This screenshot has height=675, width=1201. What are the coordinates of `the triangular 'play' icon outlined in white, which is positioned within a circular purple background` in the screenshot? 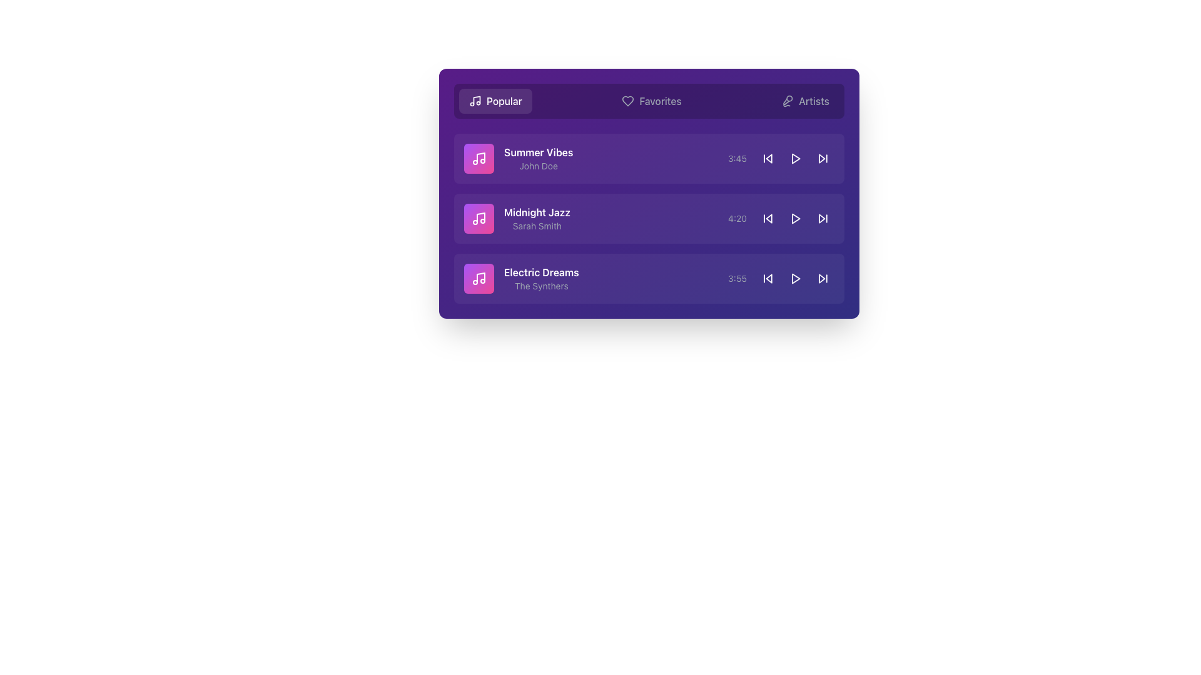 It's located at (795, 158).